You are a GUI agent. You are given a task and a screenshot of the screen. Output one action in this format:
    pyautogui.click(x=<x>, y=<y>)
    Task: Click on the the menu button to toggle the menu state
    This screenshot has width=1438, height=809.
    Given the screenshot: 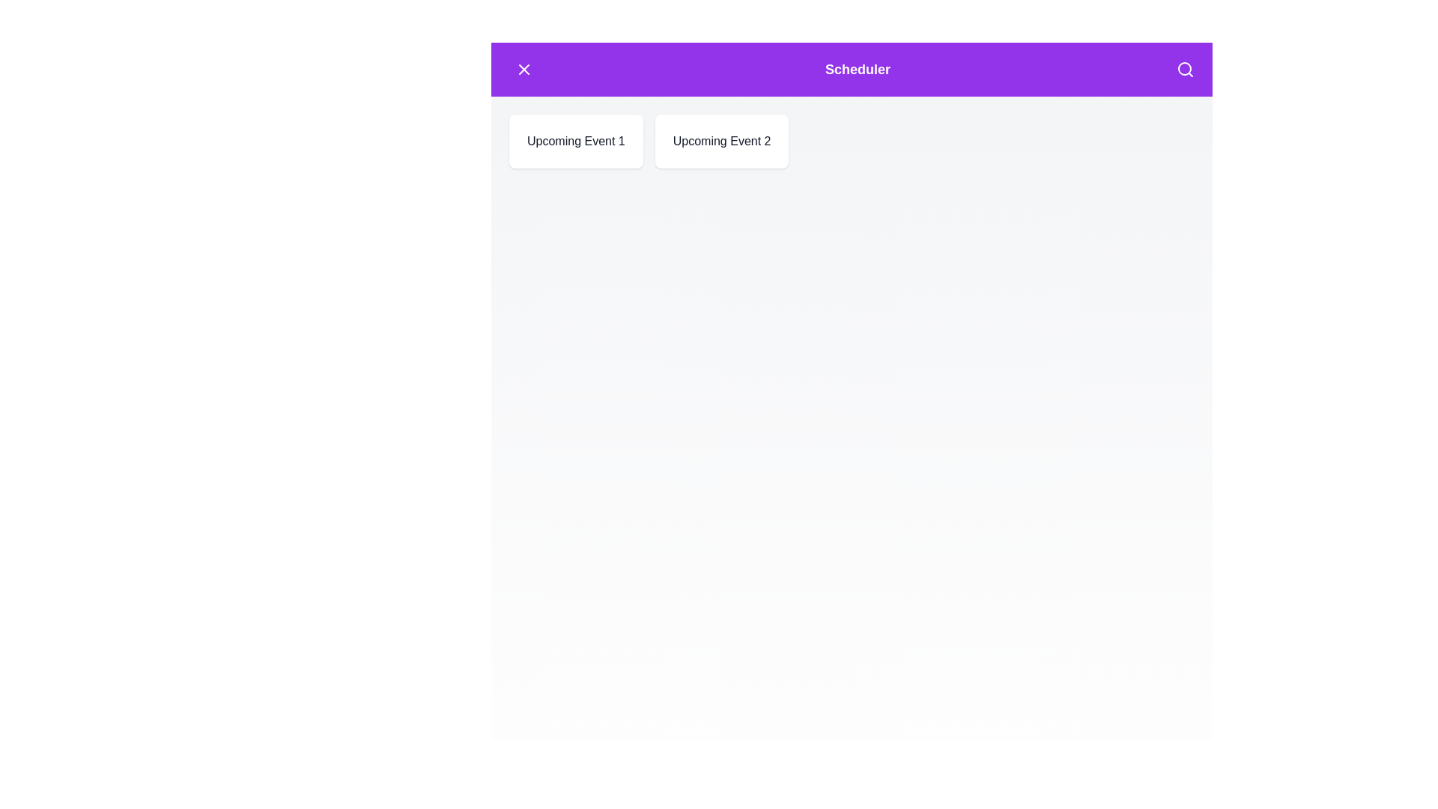 What is the action you would take?
    pyautogui.click(x=524, y=69)
    